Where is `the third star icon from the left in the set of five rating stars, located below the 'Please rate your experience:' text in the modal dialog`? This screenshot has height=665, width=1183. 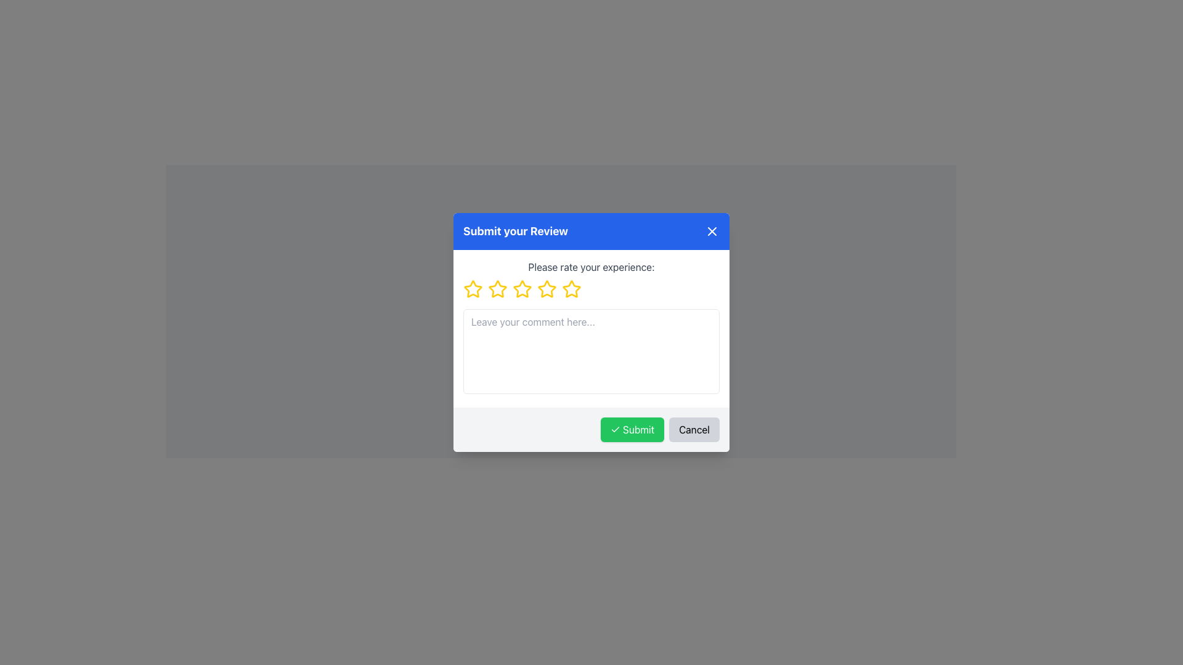
the third star icon from the left in the set of five rating stars, located below the 'Please rate your experience:' text in the modal dialog is located at coordinates (522, 289).